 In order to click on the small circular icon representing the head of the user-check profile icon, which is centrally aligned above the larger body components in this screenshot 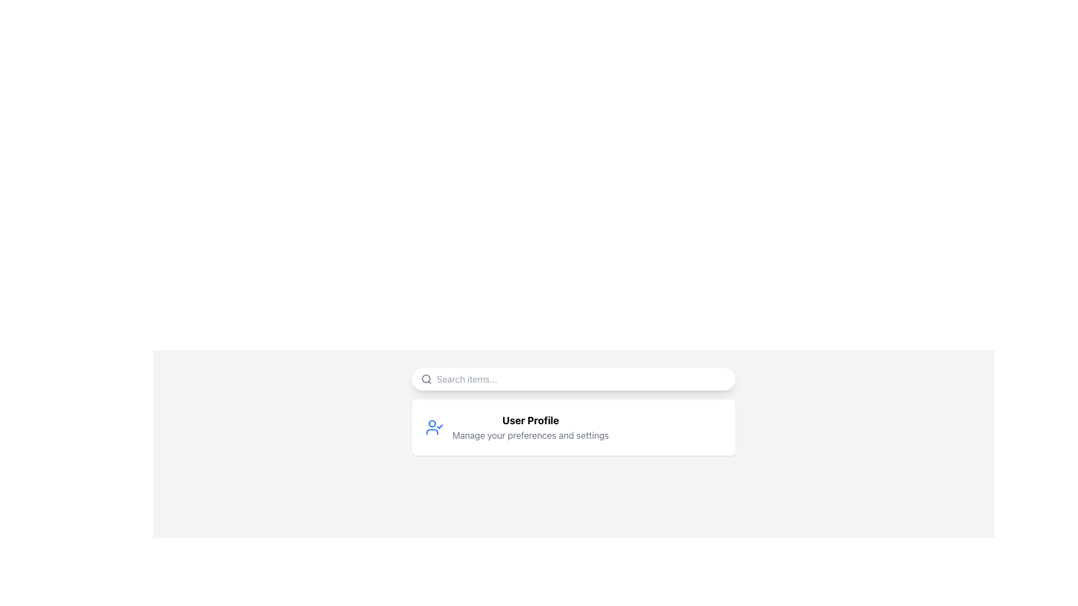, I will do `click(431, 424)`.